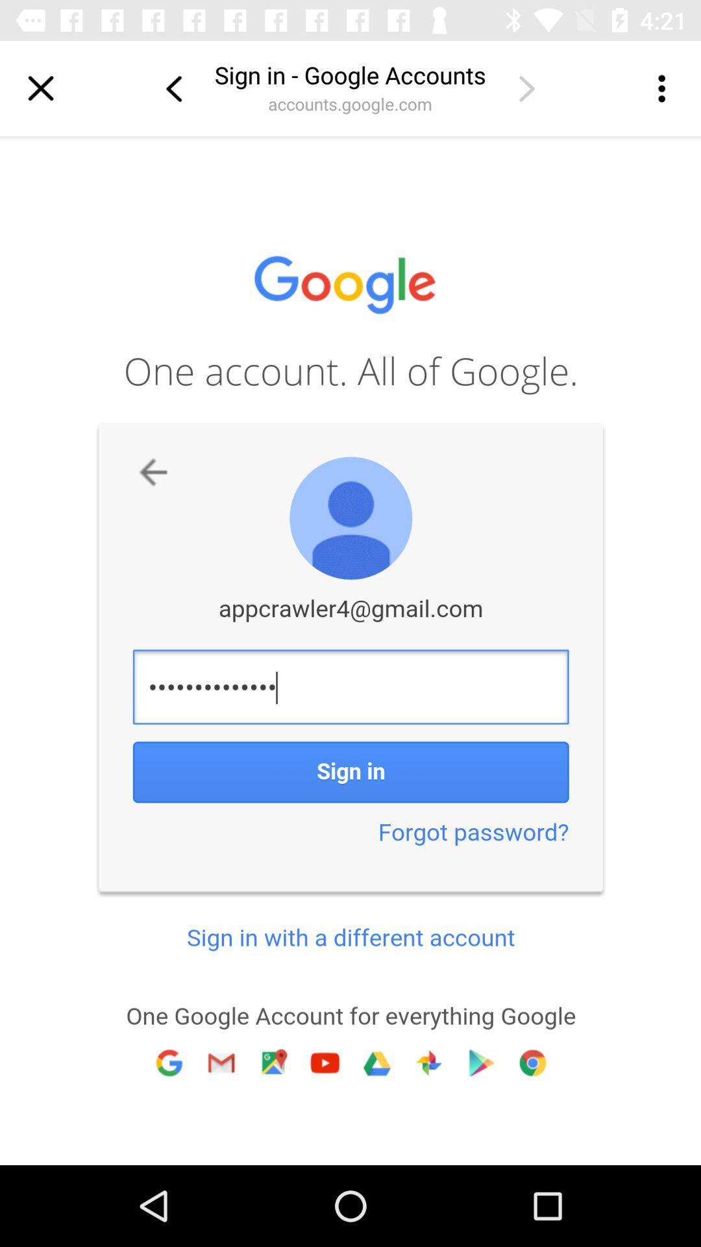 Image resolution: width=701 pixels, height=1247 pixels. I want to click on exit, so click(40, 88).